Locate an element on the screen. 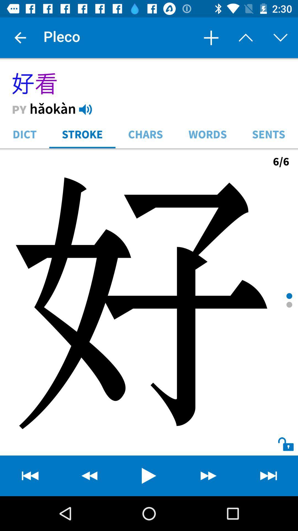 The width and height of the screenshot is (298, 531). the skip_next icon is located at coordinates (268, 475).